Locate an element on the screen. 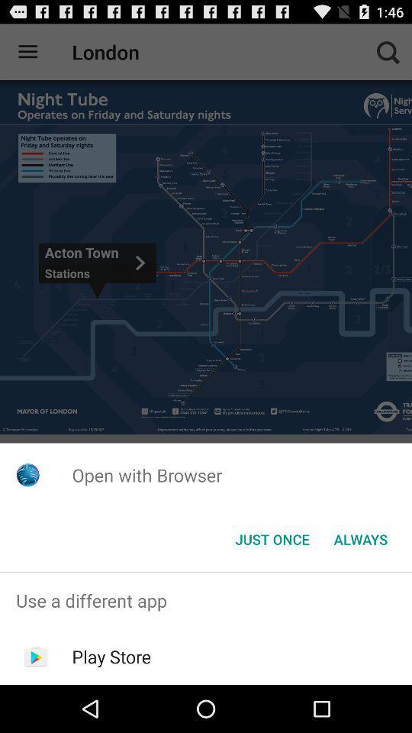 The width and height of the screenshot is (412, 733). the use a different is located at coordinates (206, 600).